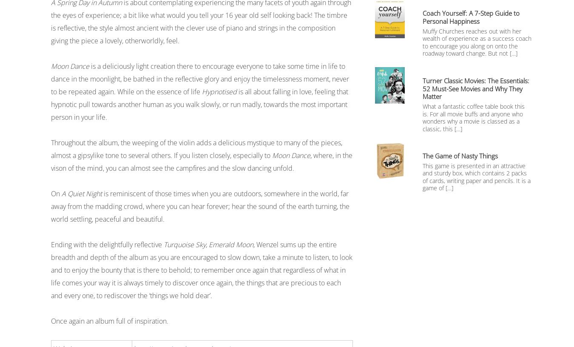  I want to click on 'What a fantastic coffee table book this is. For all movie buffs and anyone who wonders why a movie is classed as a classic, this […]', so click(474, 117).